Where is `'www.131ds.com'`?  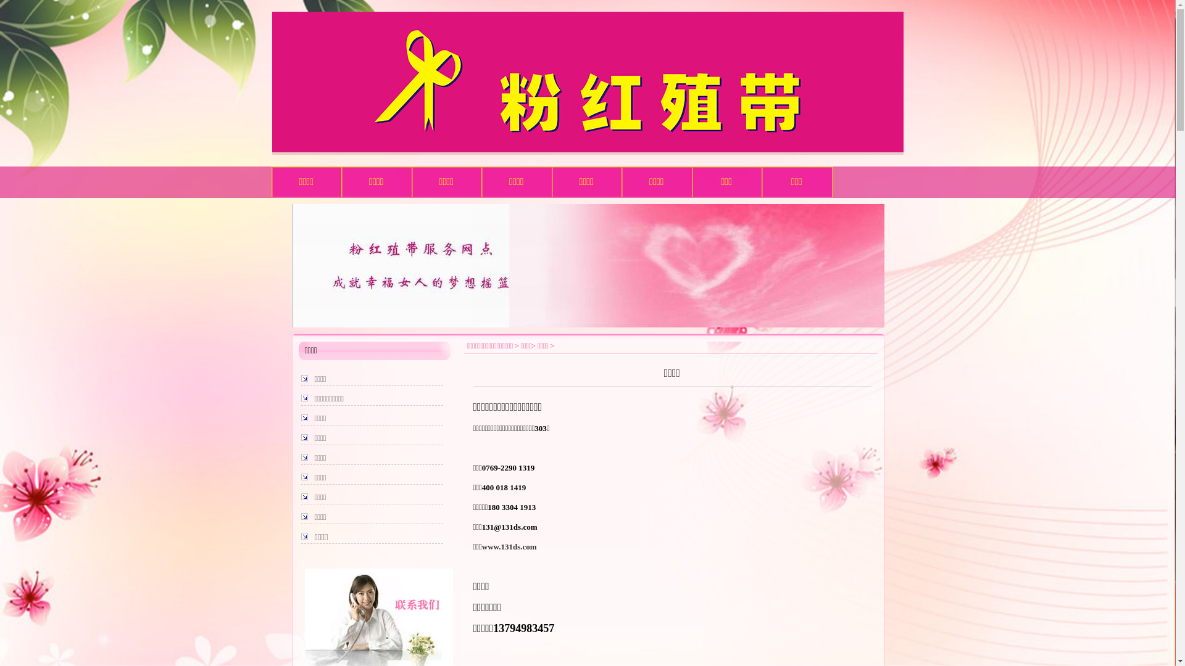
'www.131ds.com' is located at coordinates (509, 546).